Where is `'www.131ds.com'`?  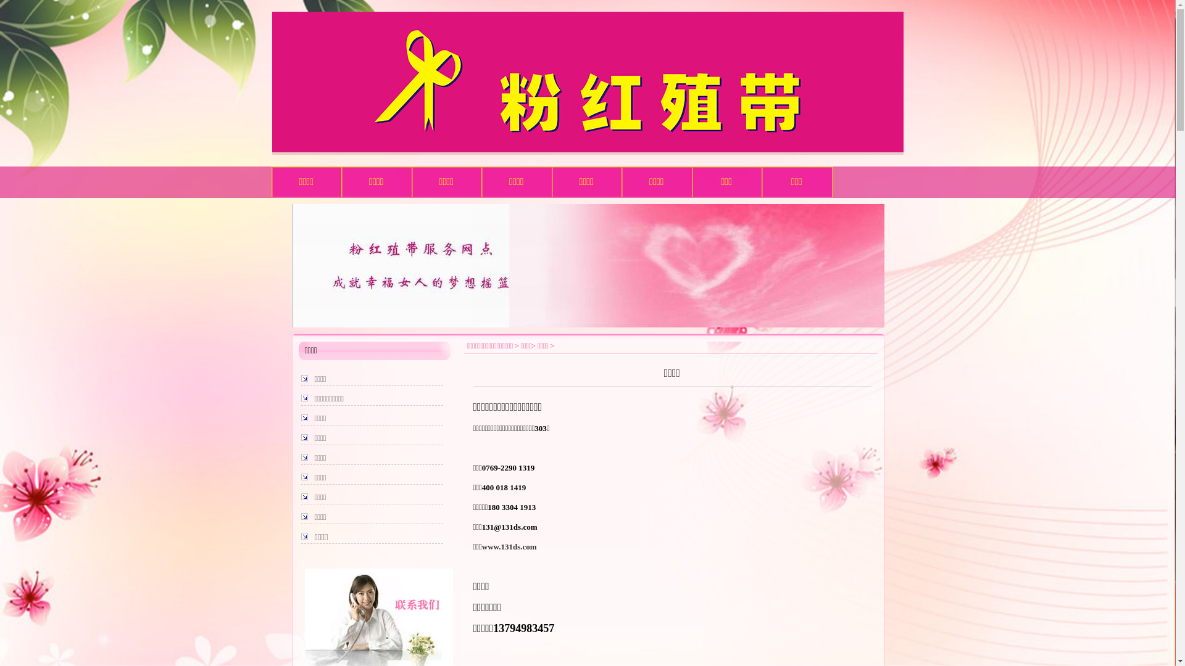
'www.131ds.com' is located at coordinates (509, 546).